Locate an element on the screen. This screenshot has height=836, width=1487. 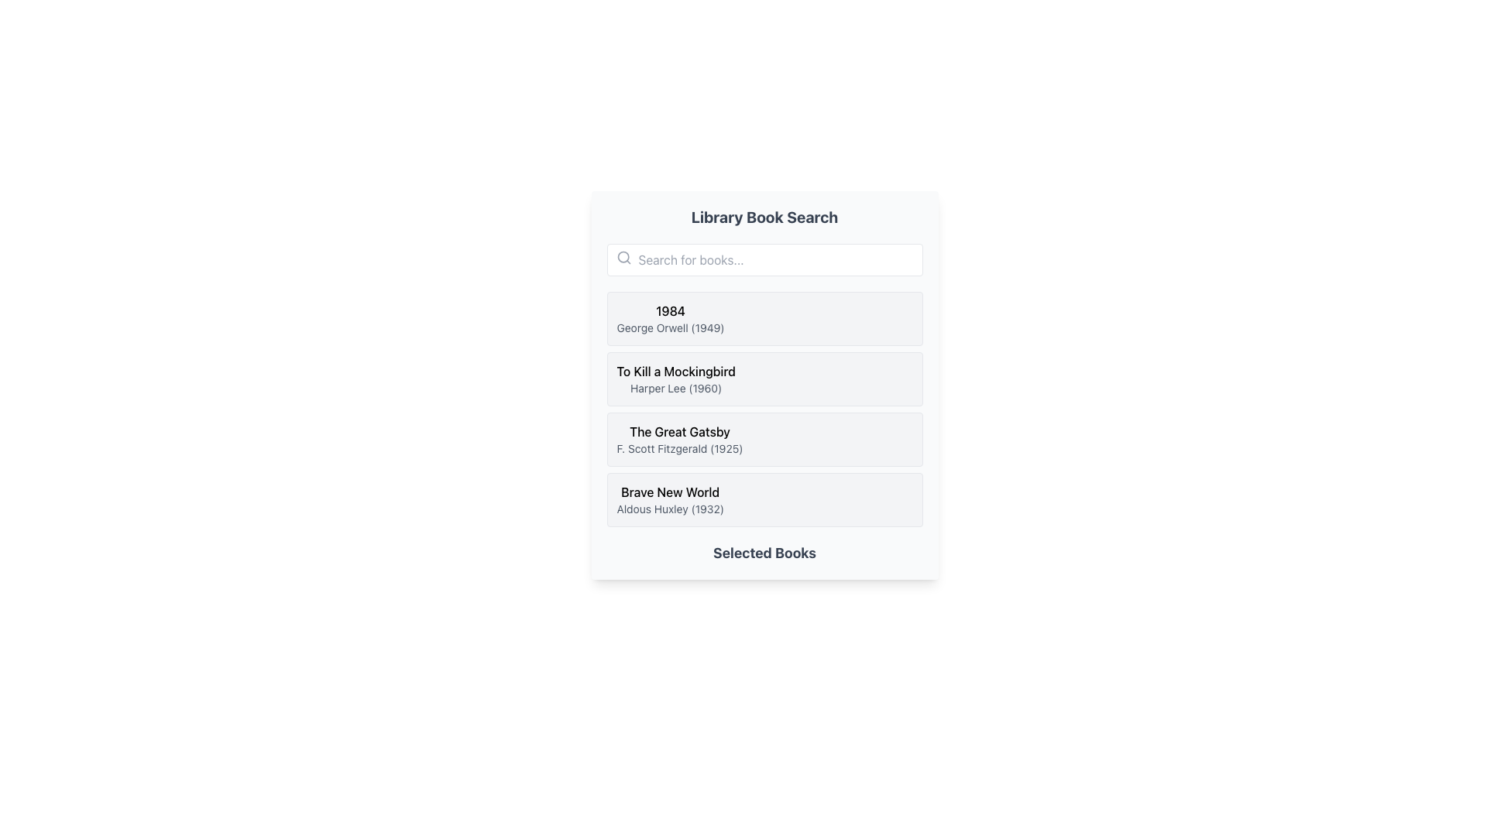
the bolded text label stating 'Brave New World' located is located at coordinates (670, 492).